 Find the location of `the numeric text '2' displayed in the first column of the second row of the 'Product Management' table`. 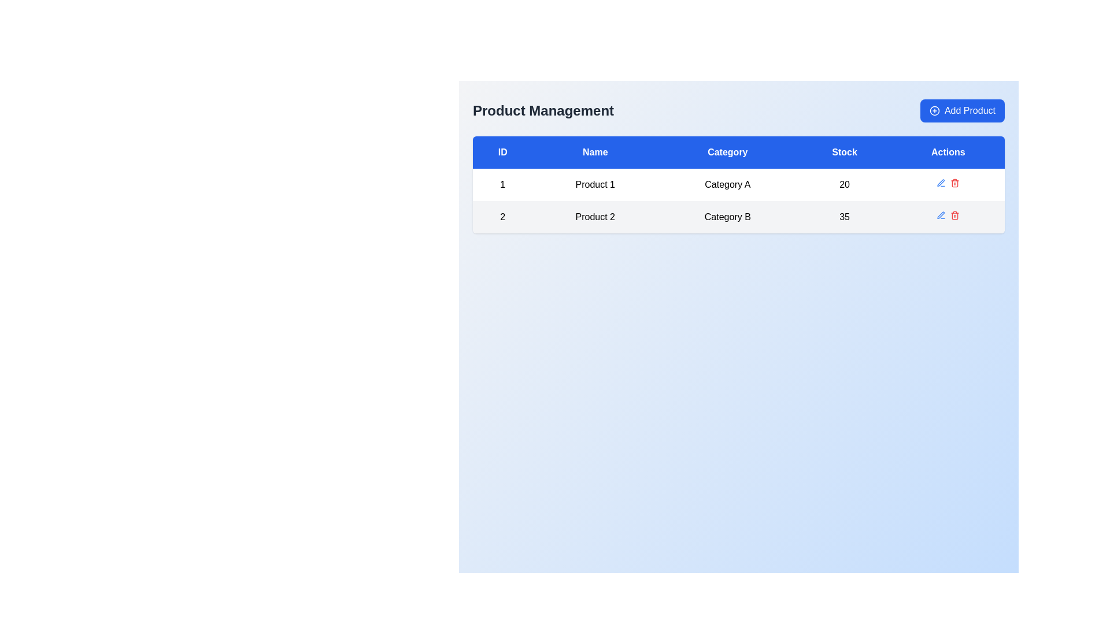

the numeric text '2' displayed in the first column of the second row of the 'Product Management' table is located at coordinates (502, 217).